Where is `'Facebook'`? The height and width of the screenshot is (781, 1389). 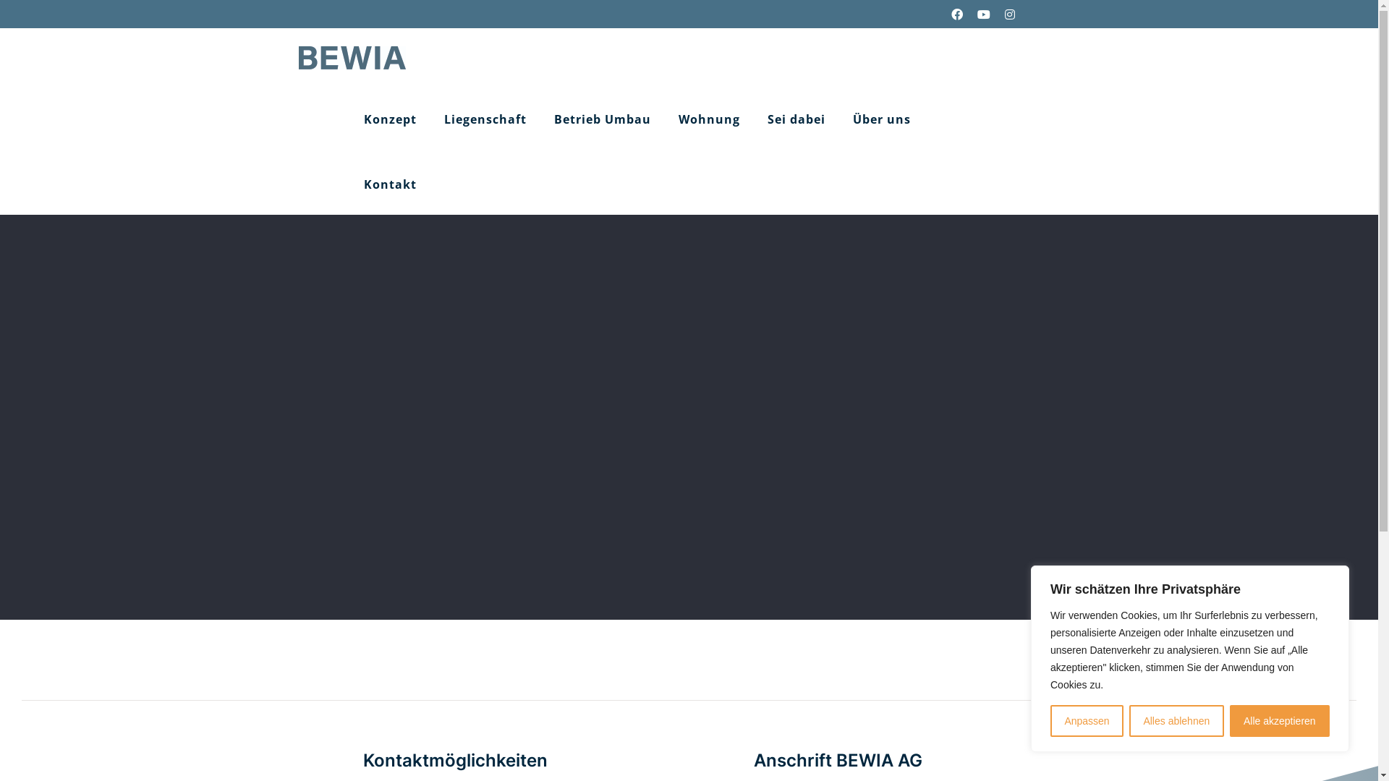
'Facebook' is located at coordinates (951, 14).